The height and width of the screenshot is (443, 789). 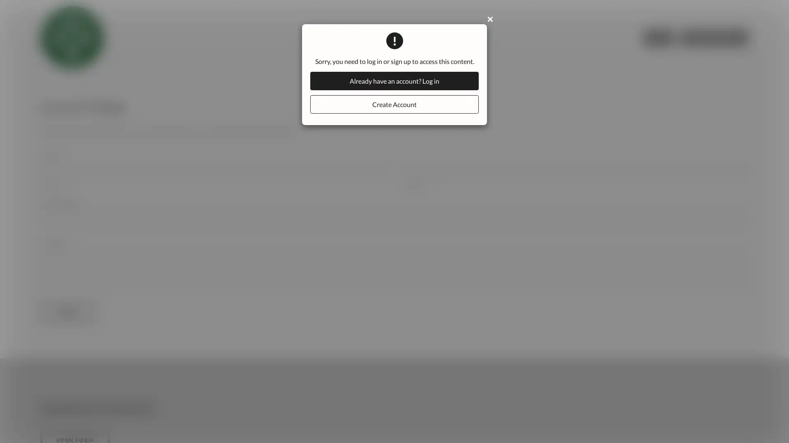 I want to click on Already have an account? Log in, so click(x=394, y=81).